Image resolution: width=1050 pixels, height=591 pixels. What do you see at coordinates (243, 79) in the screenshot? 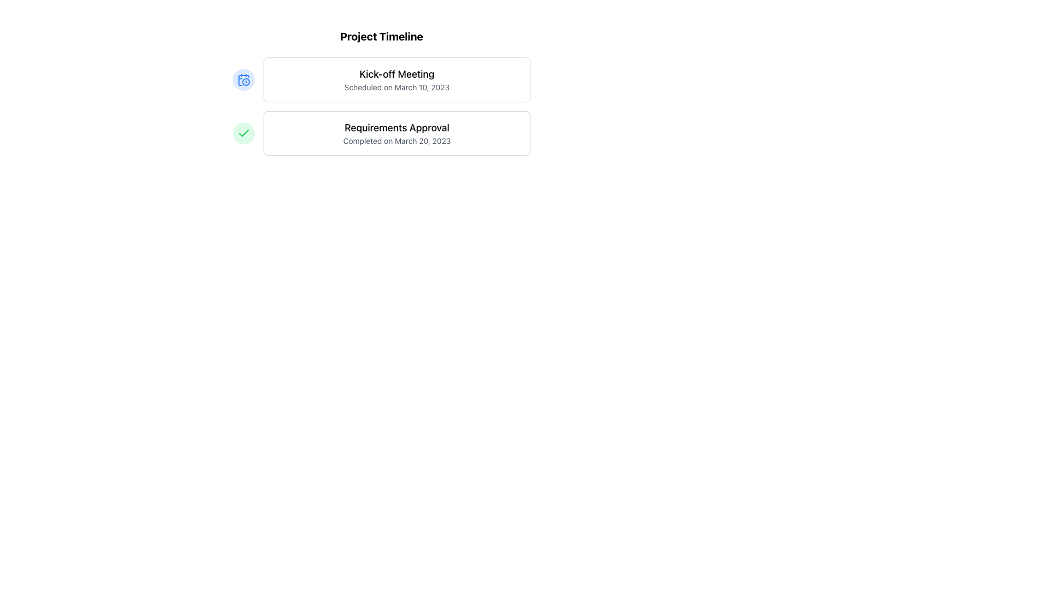
I see `the calendar and clock icon within the blue circular background, located in the timeline interface next to the 'Kick-off Meeting' entry` at bounding box center [243, 79].